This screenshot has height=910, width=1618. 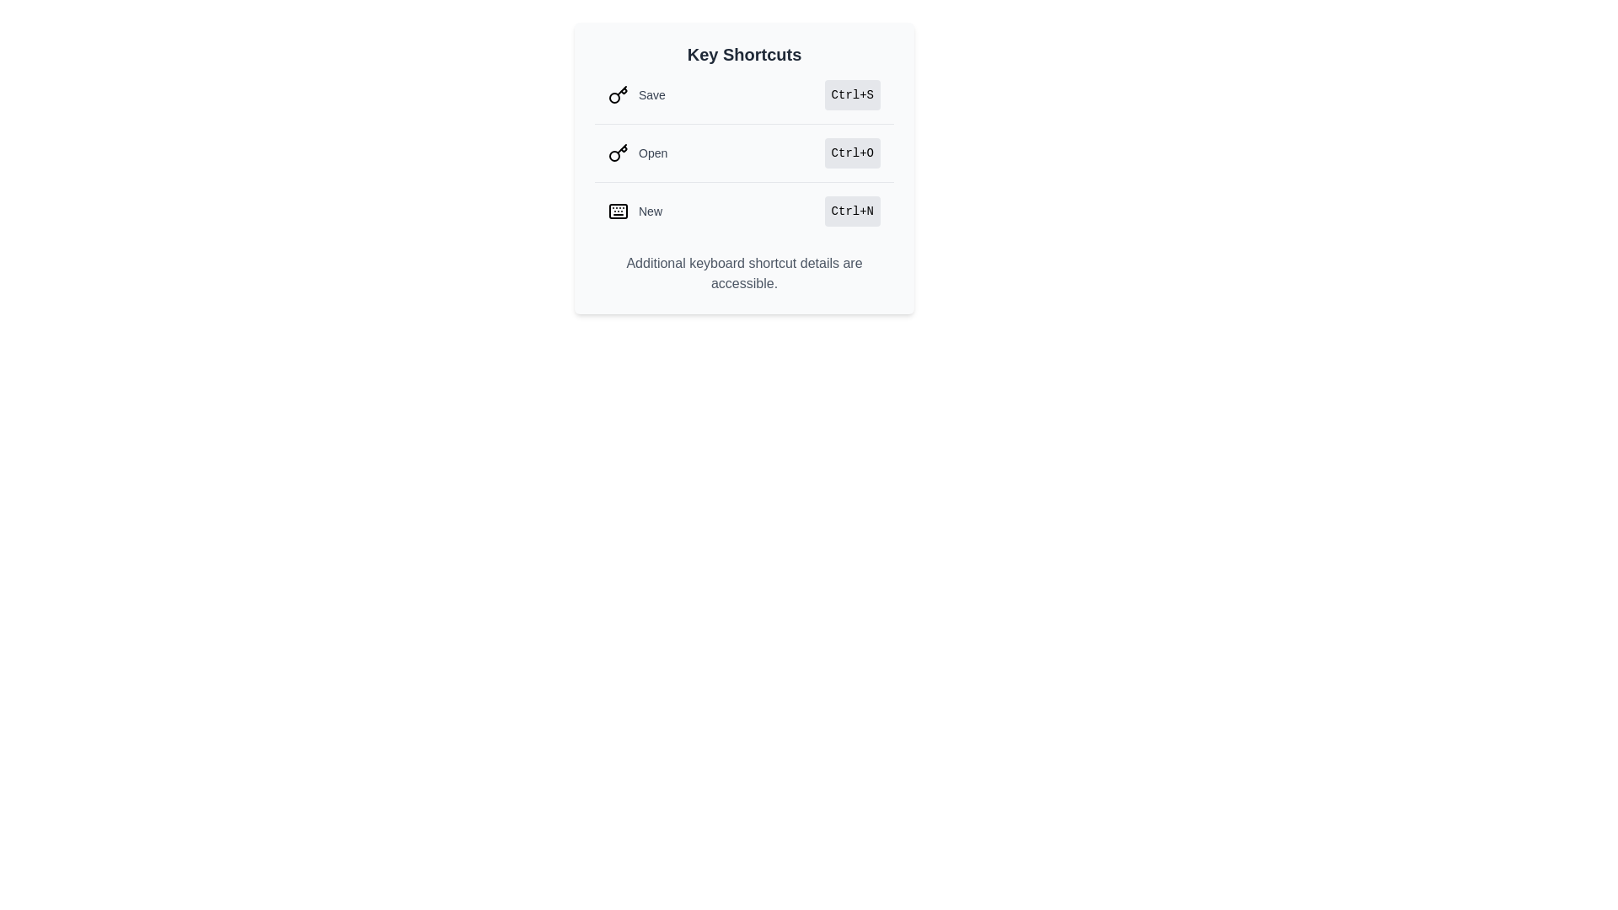 What do you see at coordinates (852, 210) in the screenshot?
I see `the small, rectangular button labeled 'Ctrl+N' that is light gray with rounded corners, located in the bottom row of shortcut indicators, aligned to the right of the label 'New'` at bounding box center [852, 210].